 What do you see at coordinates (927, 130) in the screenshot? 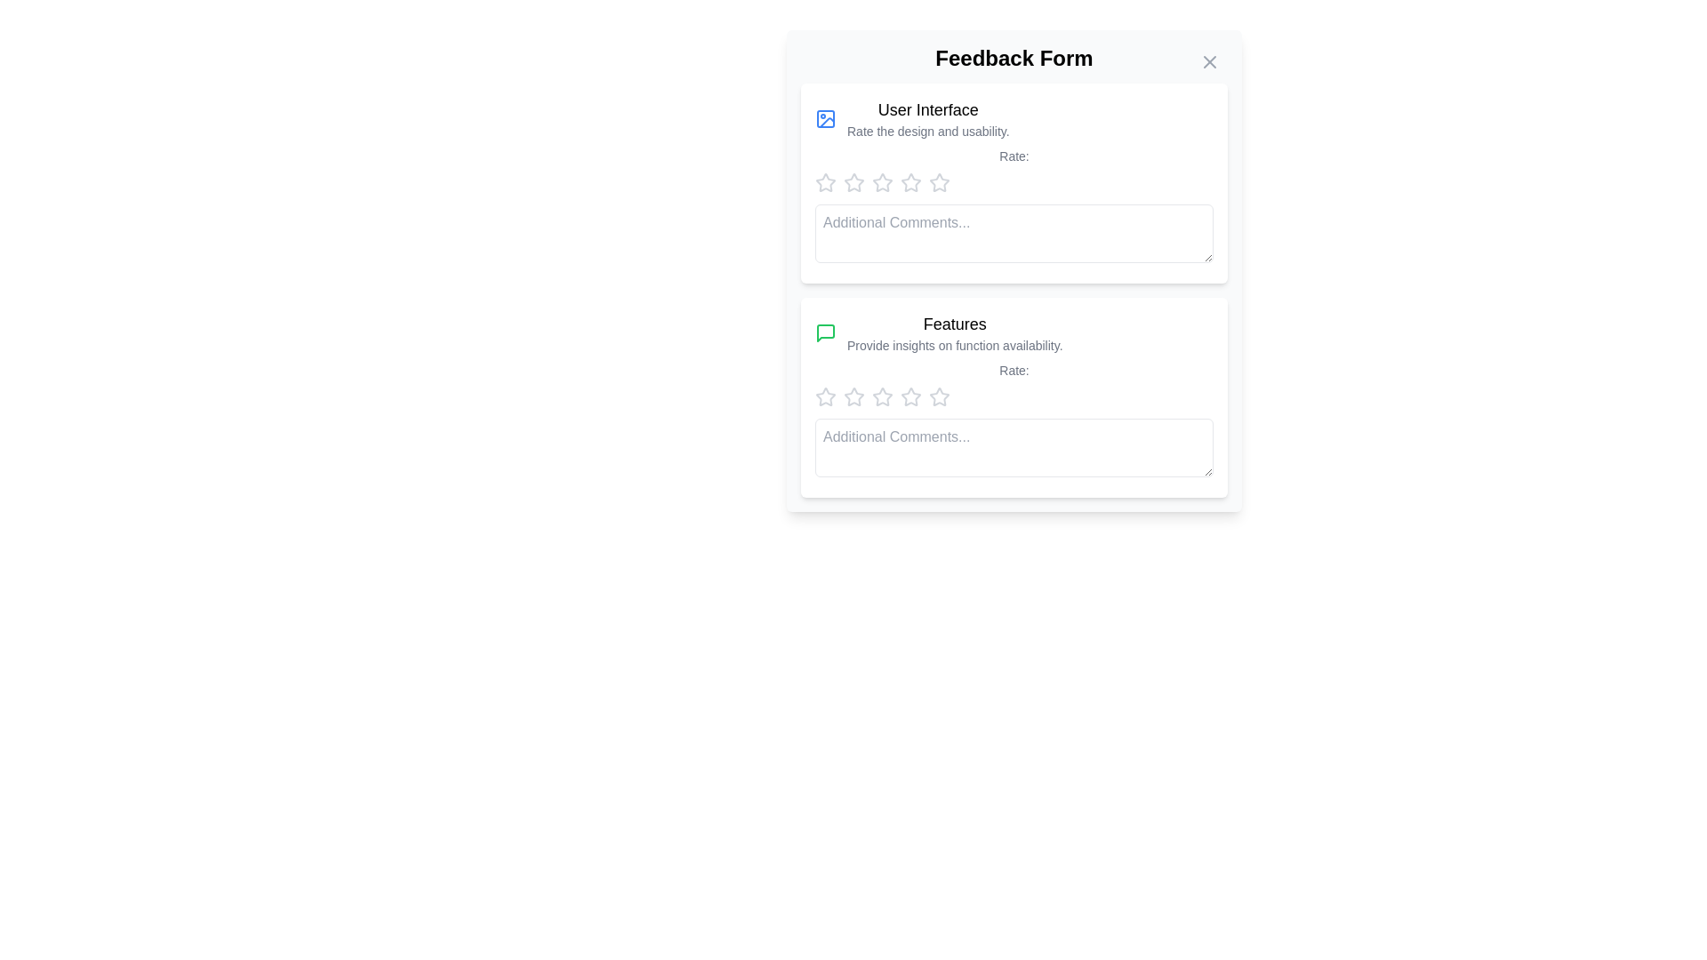
I see `the text element that reads 'Rate the design and usability.' which is styled in gray and positioned directly beneath the 'User Interface' heading within the 'Feedback Form' dialog` at bounding box center [927, 130].